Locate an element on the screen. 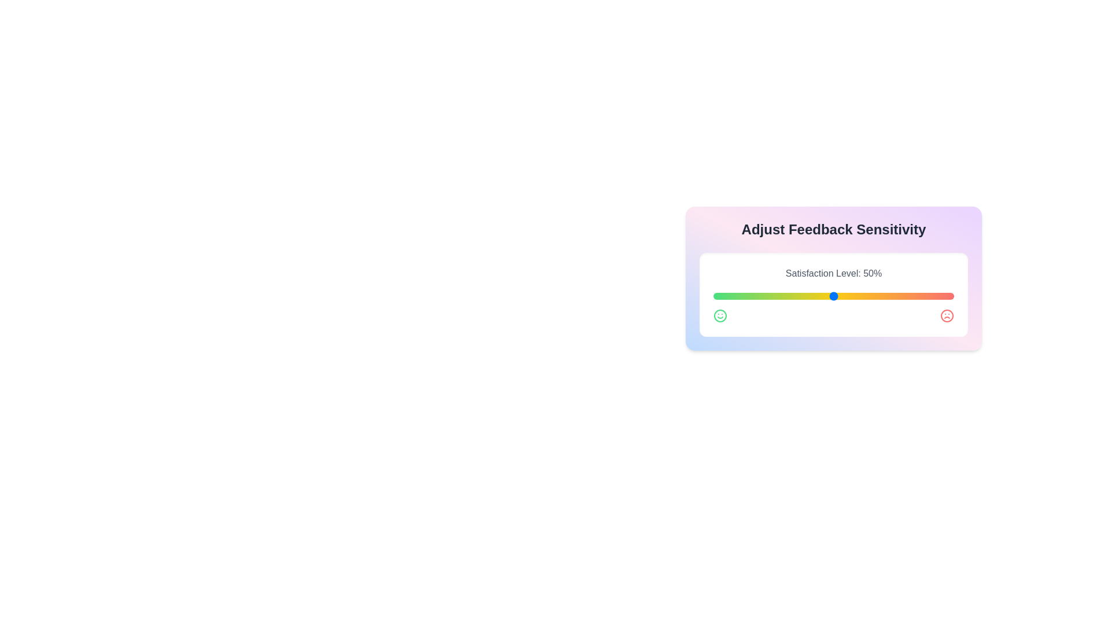 Image resolution: width=1111 pixels, height=625 pixels. the displayed feedback percentage is located at coordinates (833, 294).